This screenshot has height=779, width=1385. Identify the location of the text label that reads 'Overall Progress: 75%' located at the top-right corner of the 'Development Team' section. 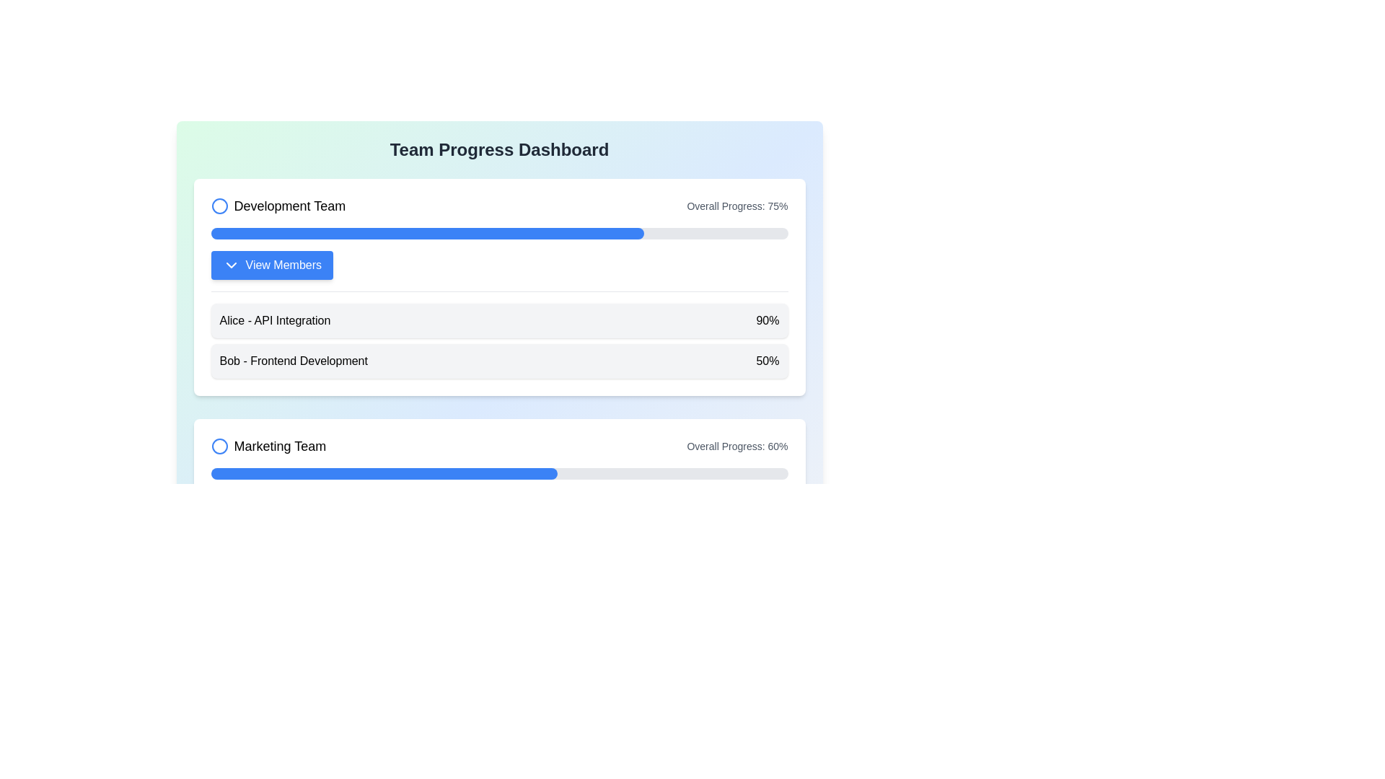
(737, 206).